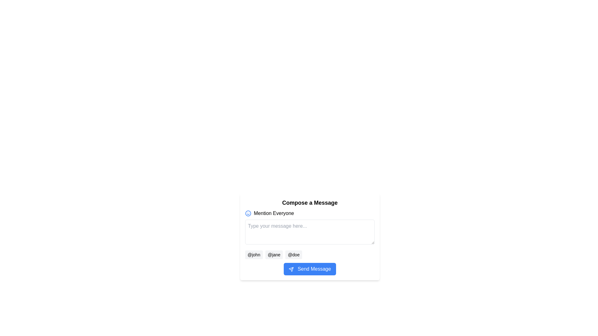 The width and height of the screenshot is (598, 336). Describe the element at coordinates (254, 254) in the screenshot. I see `the first button-like interactive text label representing the user 'john'` at that location.